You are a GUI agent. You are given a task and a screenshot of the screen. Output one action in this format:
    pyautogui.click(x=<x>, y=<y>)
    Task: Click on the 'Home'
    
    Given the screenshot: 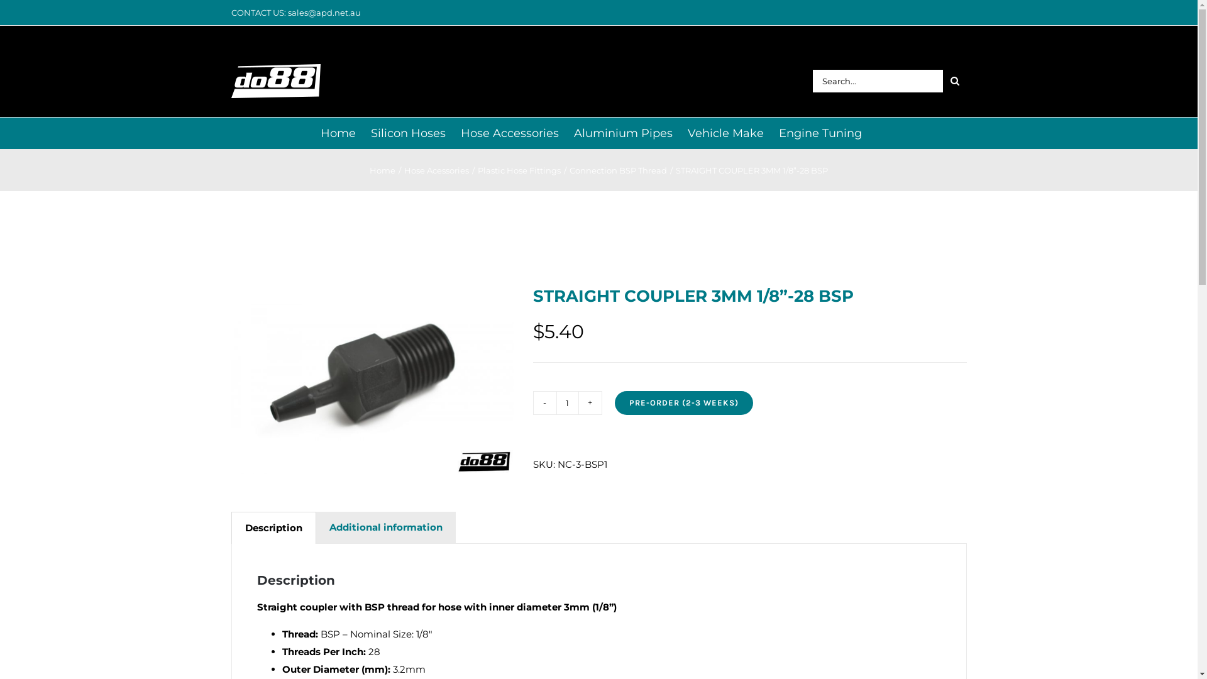 What is the action you would take?
    pyautogui.click(x=338, y=133)
    